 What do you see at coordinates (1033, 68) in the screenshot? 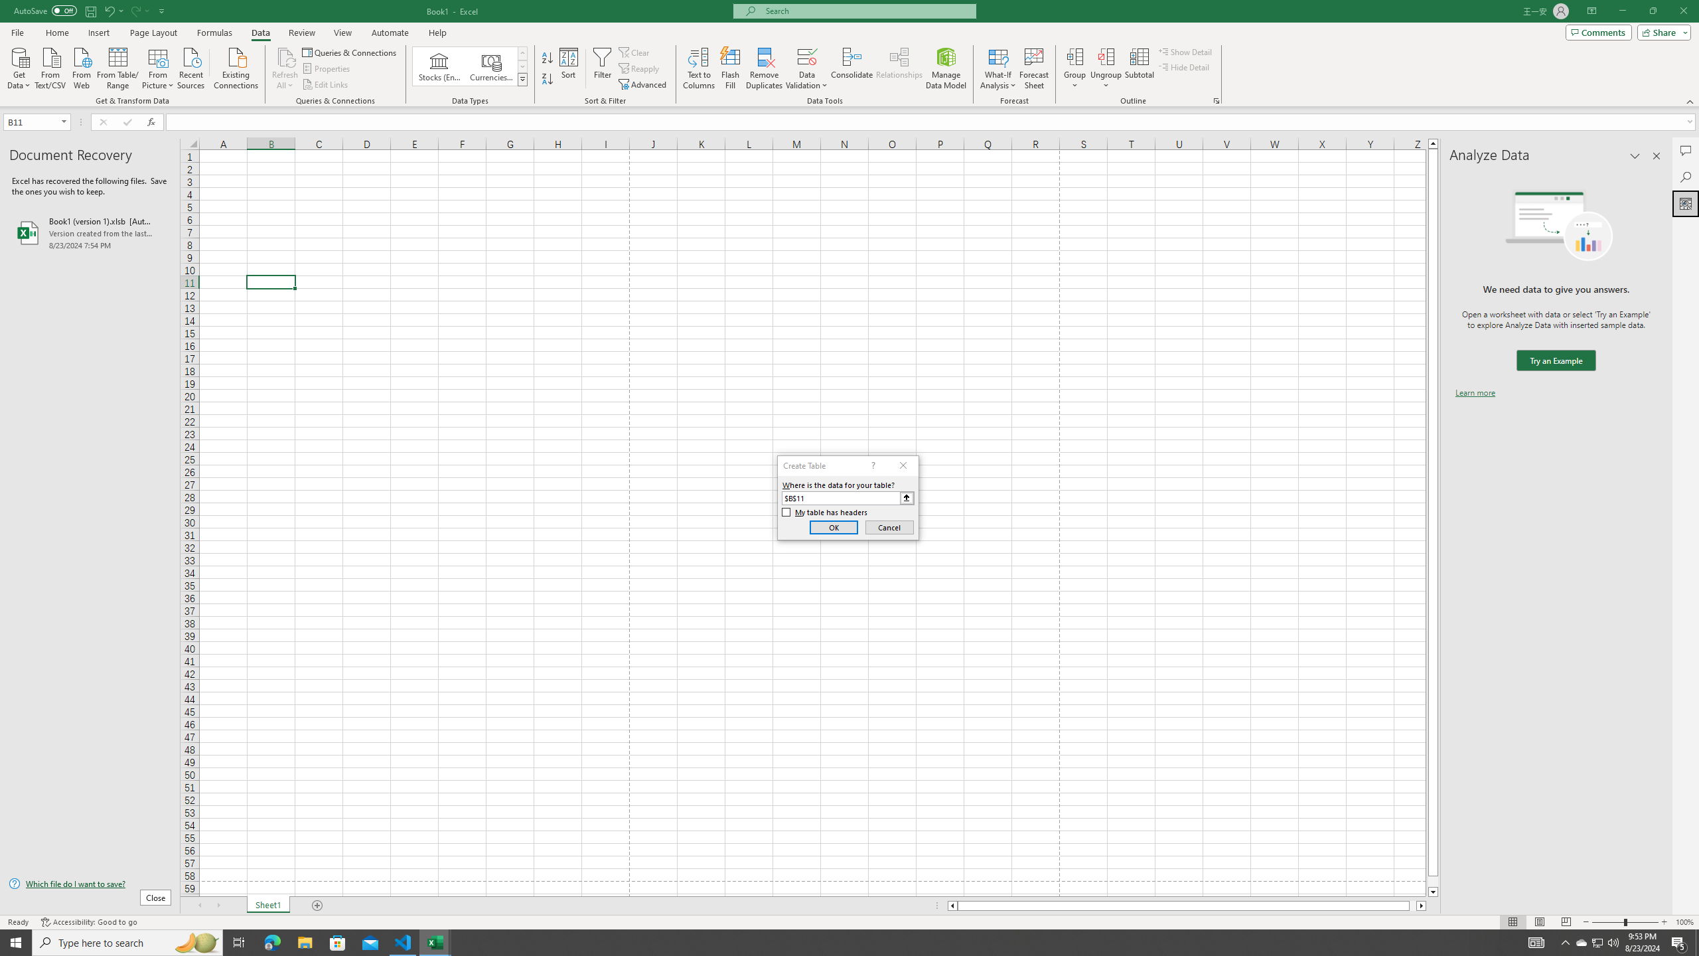
I see `'Forecast Sheet'` at bounding box center [1033, 68].